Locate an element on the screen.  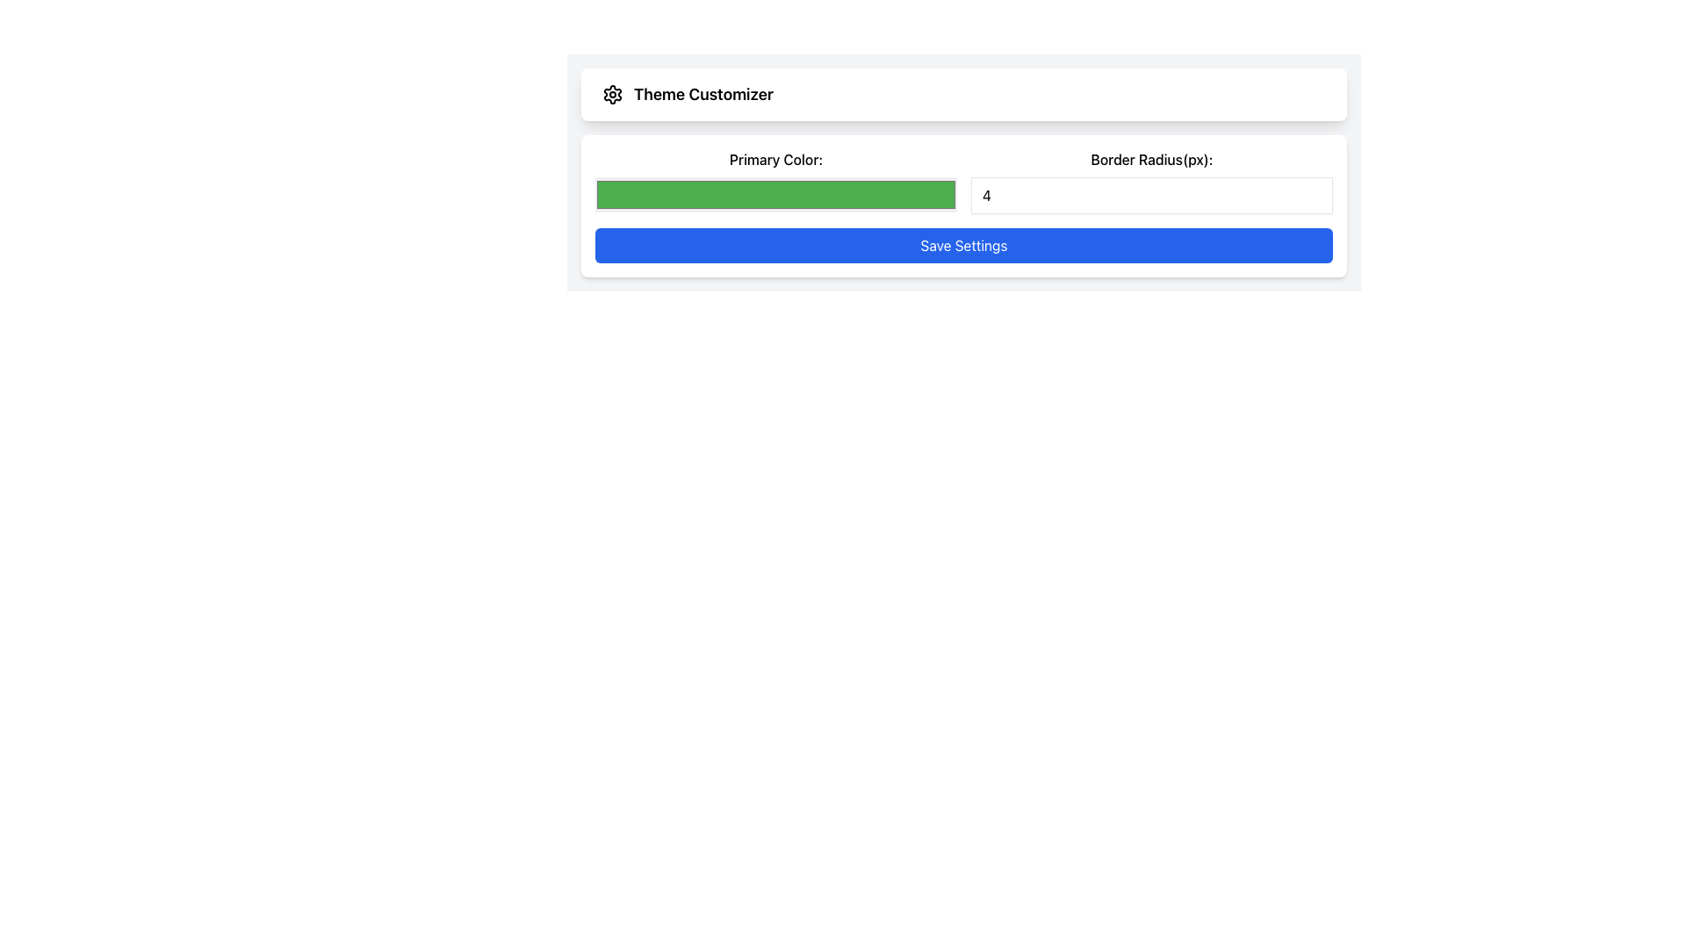
the 'Save Settings' button, which is a rectangular button with rounded corners and a blue background is located at coordinates (963, 246).